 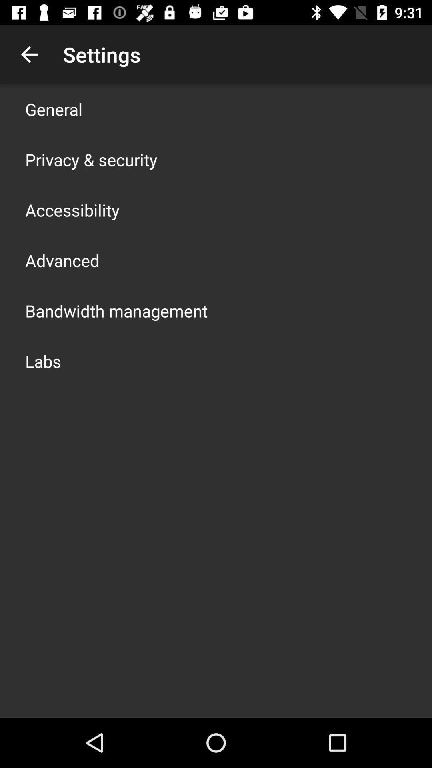 What do you see at coordinates (54, 109) in the screenshot?
I see `icon above privacy & security item` at bounding box center [54, 109].